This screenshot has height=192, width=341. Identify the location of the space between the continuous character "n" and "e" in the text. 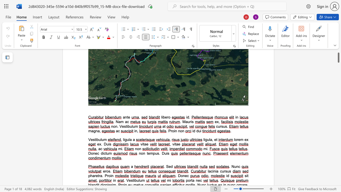
(95, 153).